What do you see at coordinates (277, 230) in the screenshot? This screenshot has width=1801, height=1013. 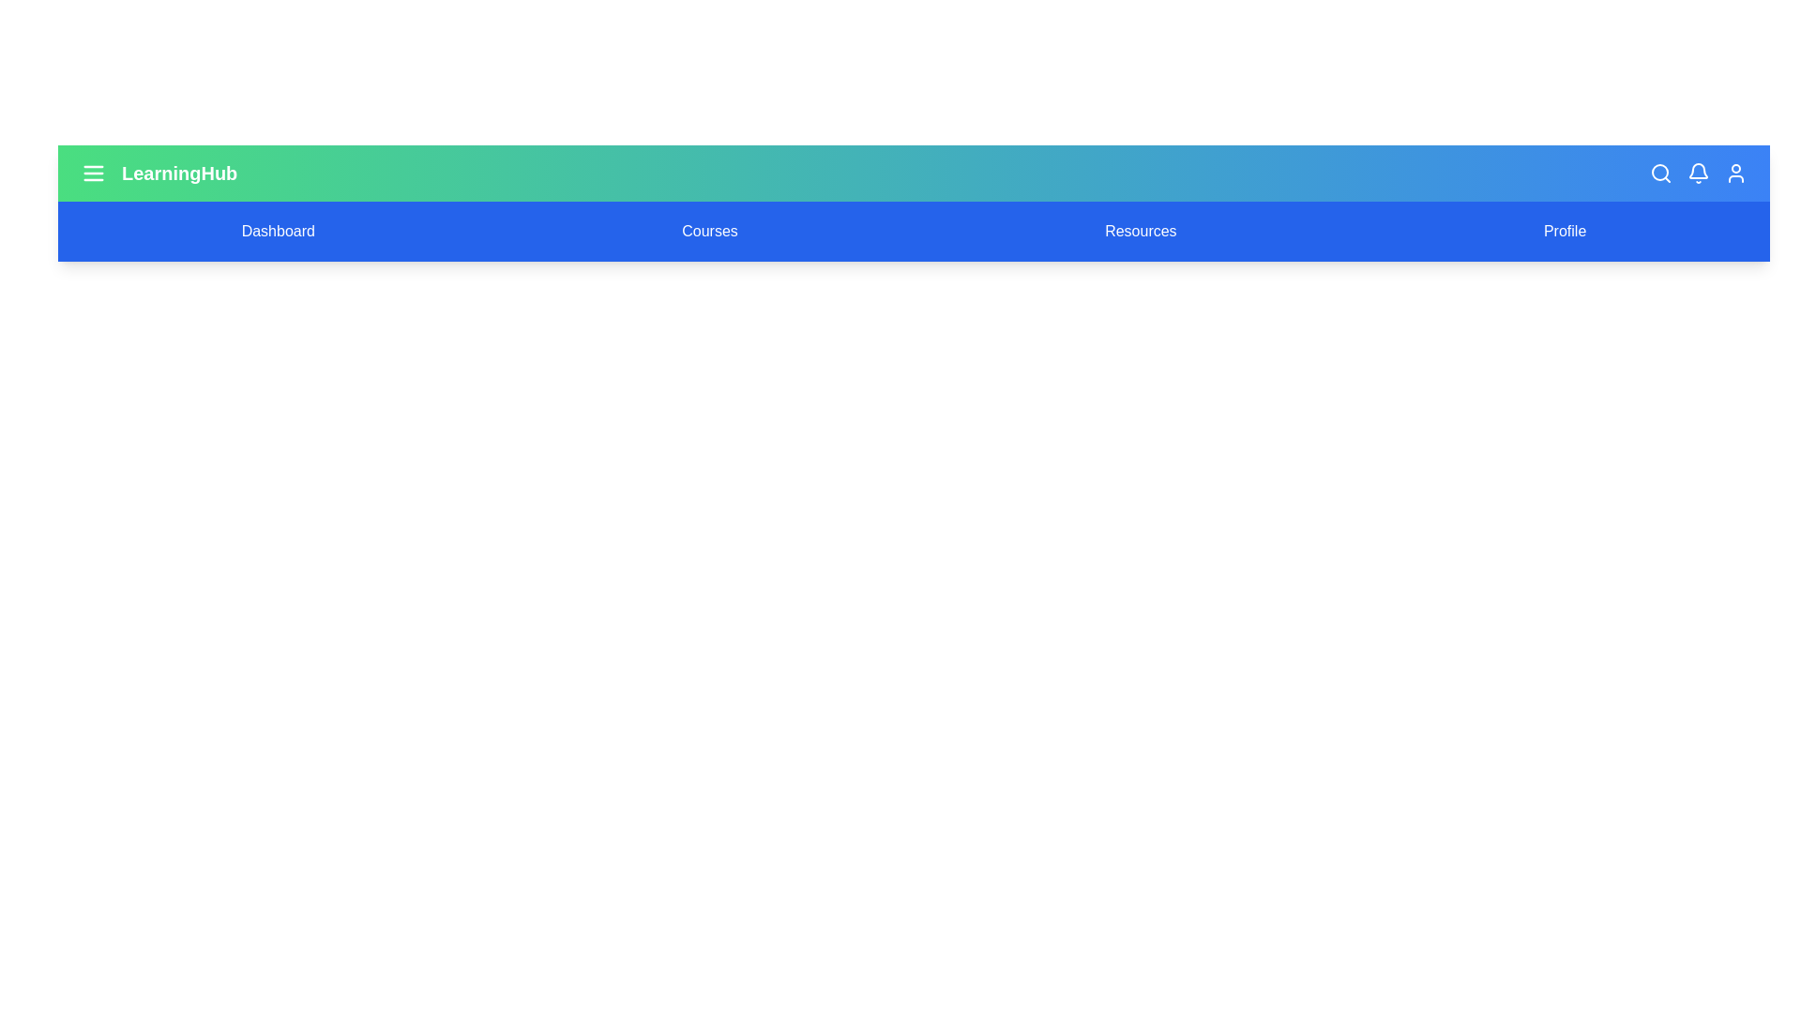 I see `the navigation item Dashboard` at bounding box center [277, 230].